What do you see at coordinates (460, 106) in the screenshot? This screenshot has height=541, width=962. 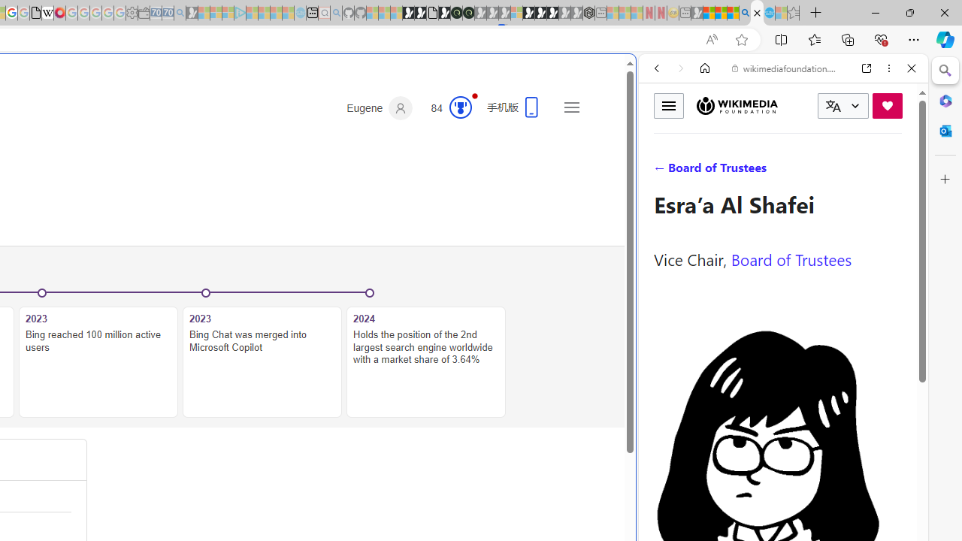 I see `'AutomationID: rh_meter'` at bounding box center [460, 106].